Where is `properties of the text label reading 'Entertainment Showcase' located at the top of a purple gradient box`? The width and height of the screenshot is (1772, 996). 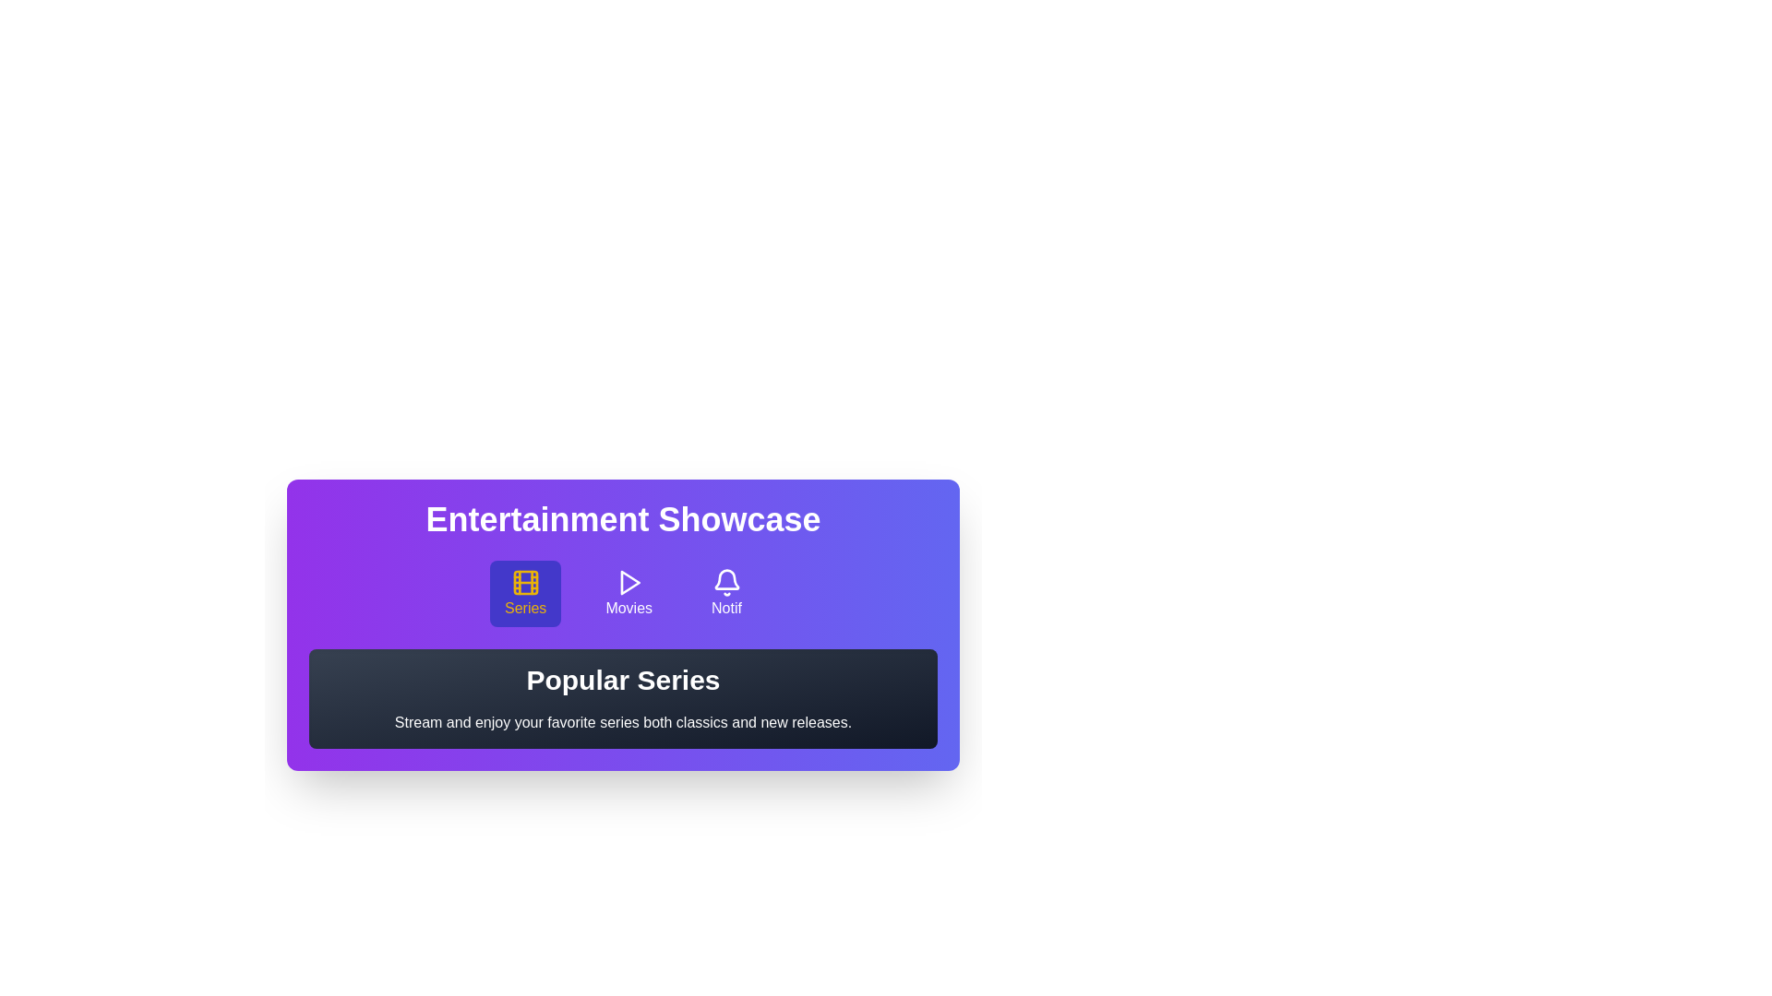 properties of the text label reading 'Entertainment Showcase' located at the top of a purple gradient box is located at coordinates (623, 519).